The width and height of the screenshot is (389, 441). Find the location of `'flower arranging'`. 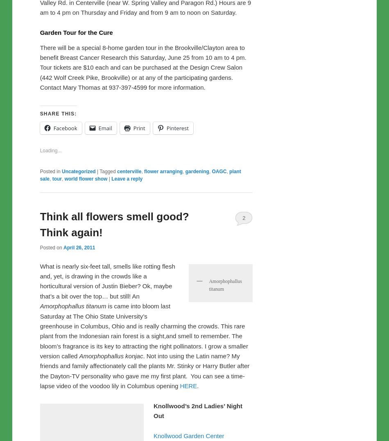

'flower arranging' is located at coordinates (163, 342).